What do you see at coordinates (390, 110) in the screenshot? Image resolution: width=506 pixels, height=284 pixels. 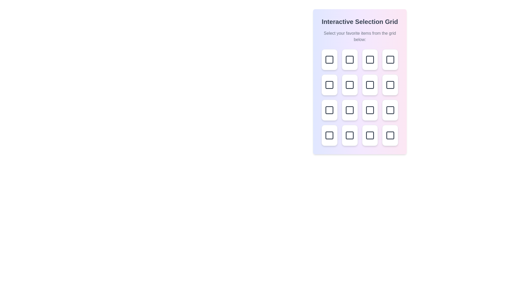 I see `the square-shaped interactive button with a white background and gray border located in the fourth column, fourth row of the grid` at bounding box center [390, 110].